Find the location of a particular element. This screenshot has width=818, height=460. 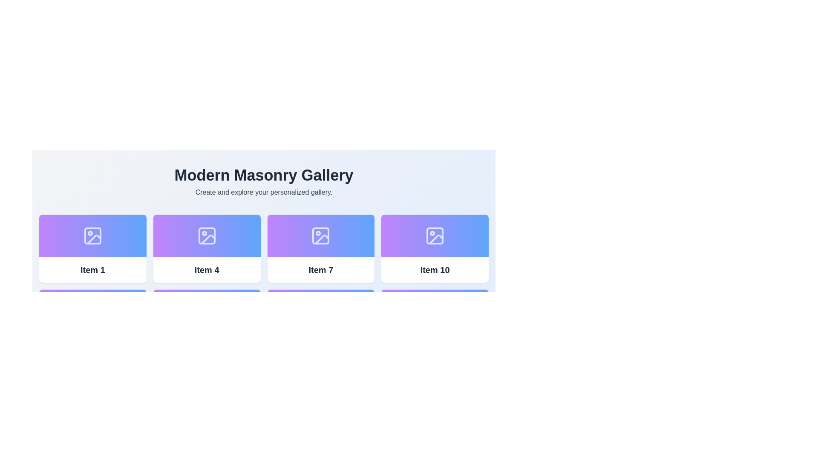

text label 'Item 1' located at the bottom section of the first card in the grid layout under the 'Modern Masonry Gallery' heading is located at coordinates (92, 270).